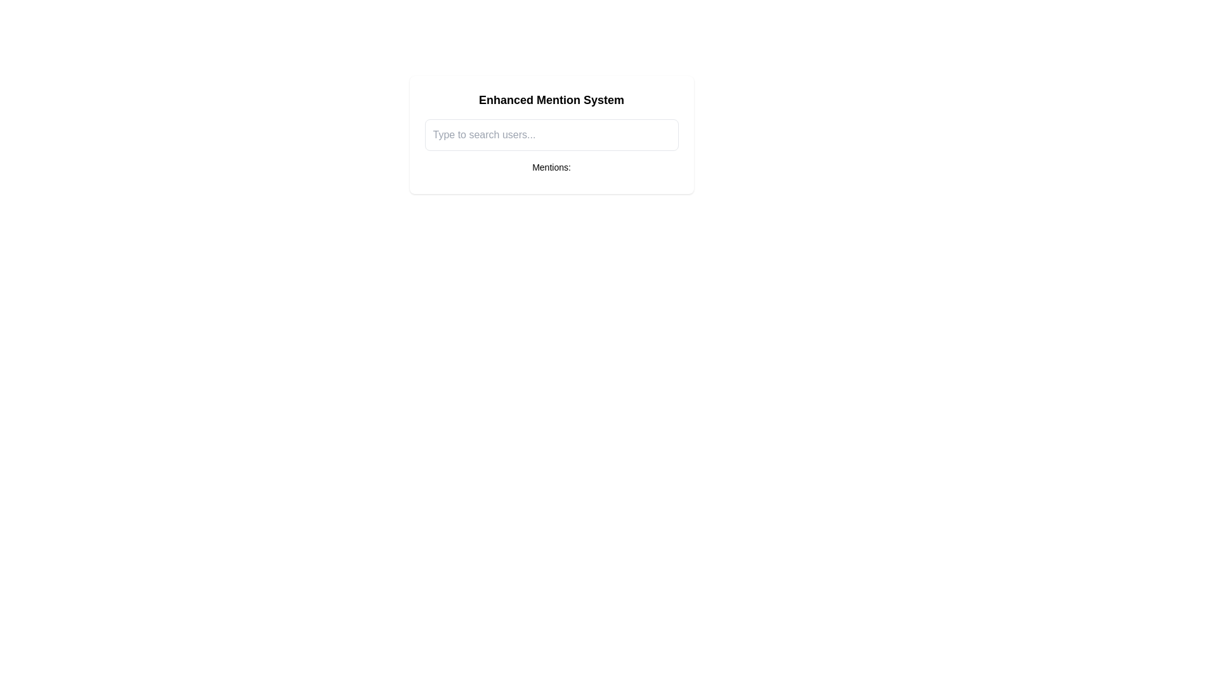 The height and width of the screenshot is (685, 1218). I want to click on the 'Mentions' Text Label, which is positioned directly below the search input field and follows the title 'Enhanced Mention System', so click(551, 169).